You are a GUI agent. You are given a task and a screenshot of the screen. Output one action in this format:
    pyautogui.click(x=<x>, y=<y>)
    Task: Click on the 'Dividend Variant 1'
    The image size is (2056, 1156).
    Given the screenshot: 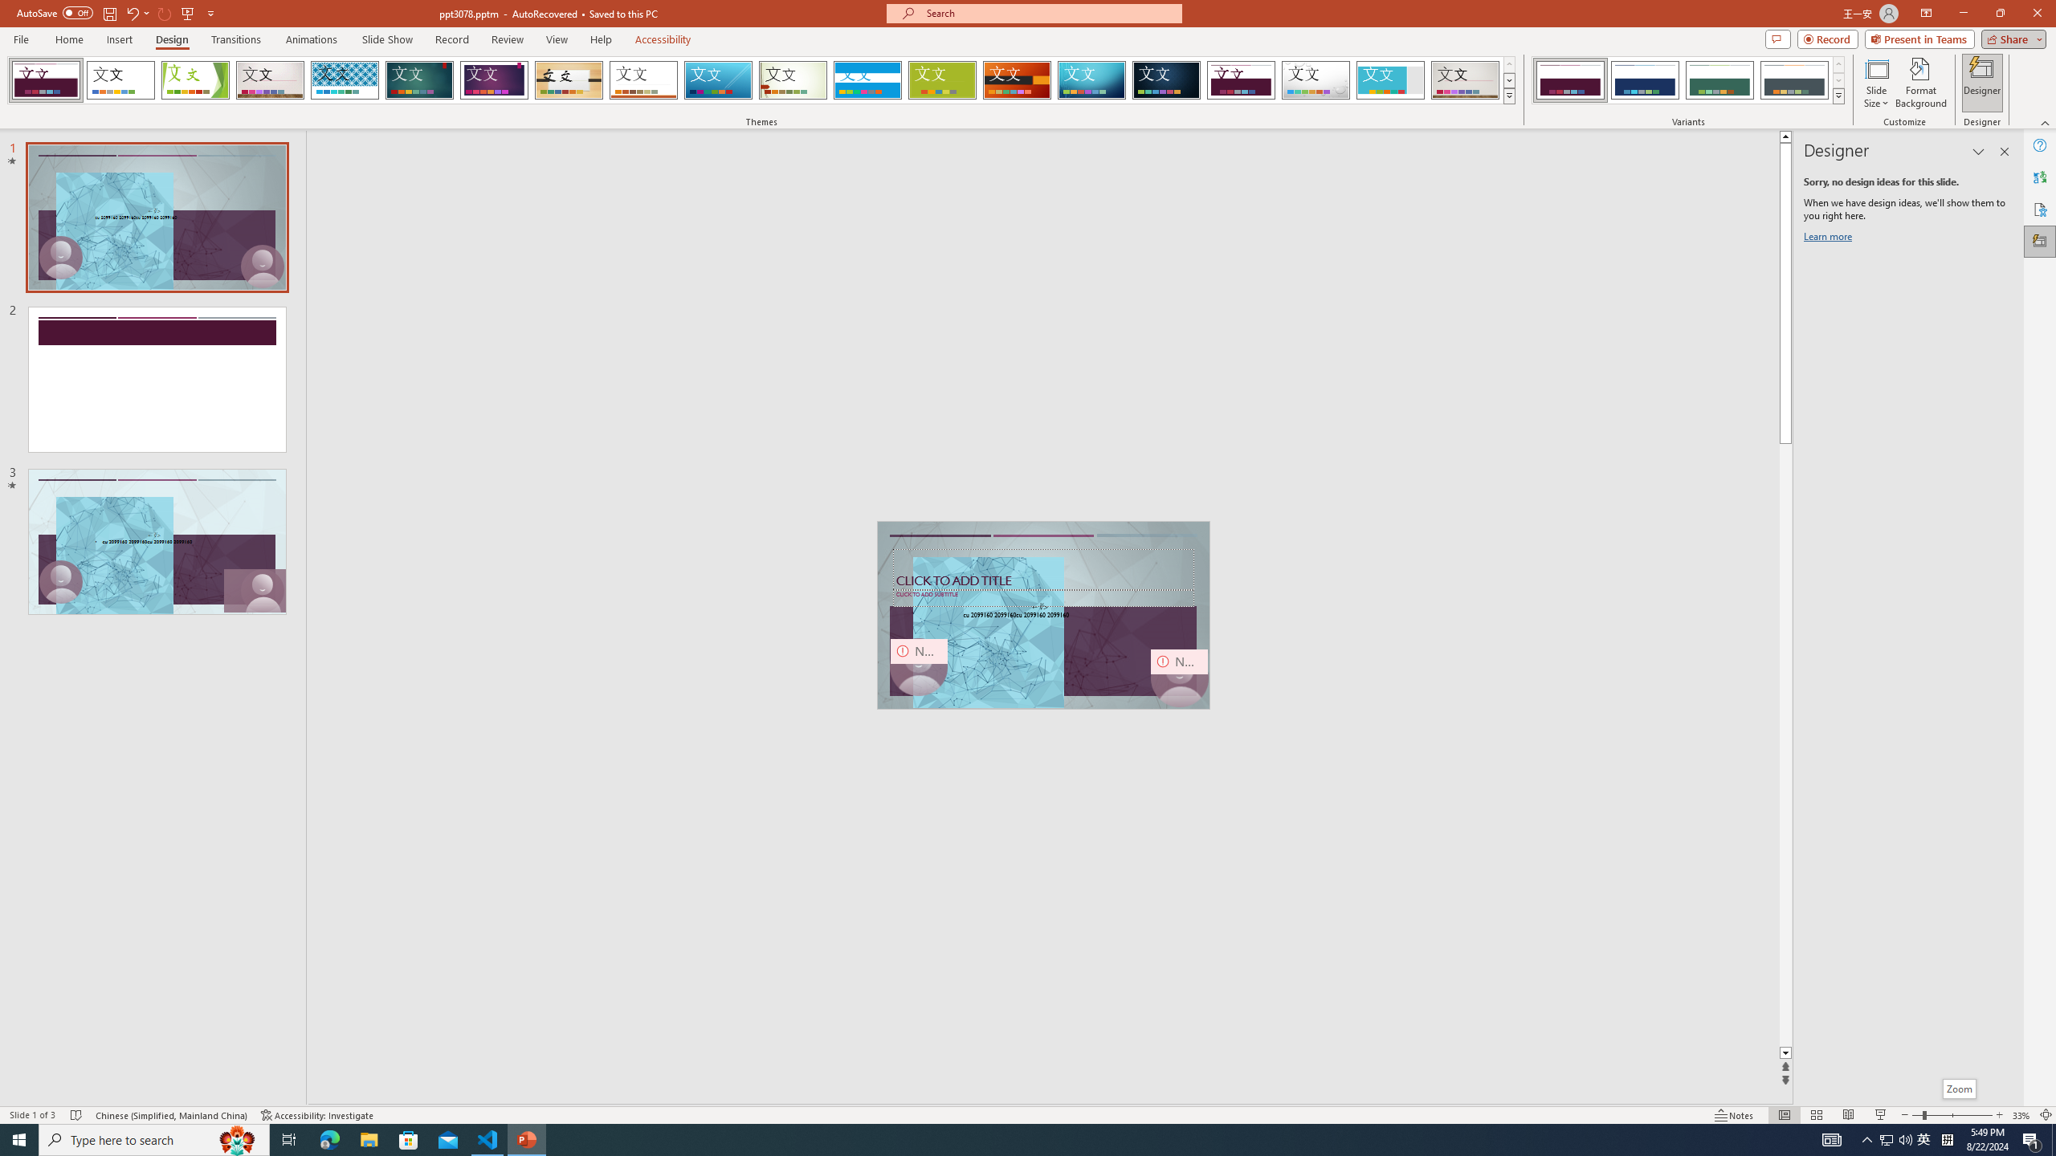 What is the action you would take?
    pyautogui.click(x=1569, y=79)
    